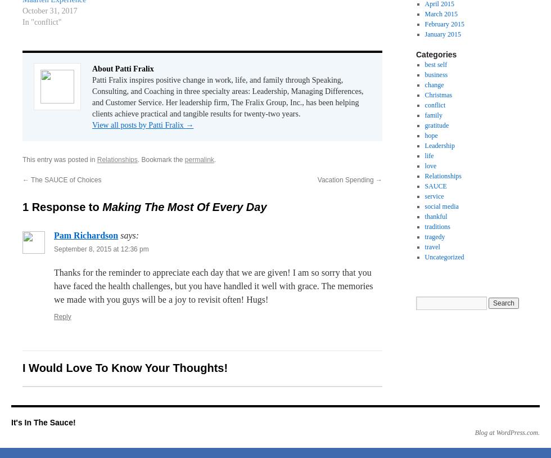 The image size is (551, 458). I want to click on 'social media', so click(441, 206).